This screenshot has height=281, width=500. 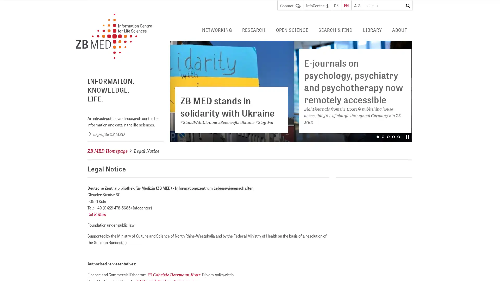 What do you see at coordinates (383, 136) in the screenshot?
I see `2` at bounding box center [383, 136].